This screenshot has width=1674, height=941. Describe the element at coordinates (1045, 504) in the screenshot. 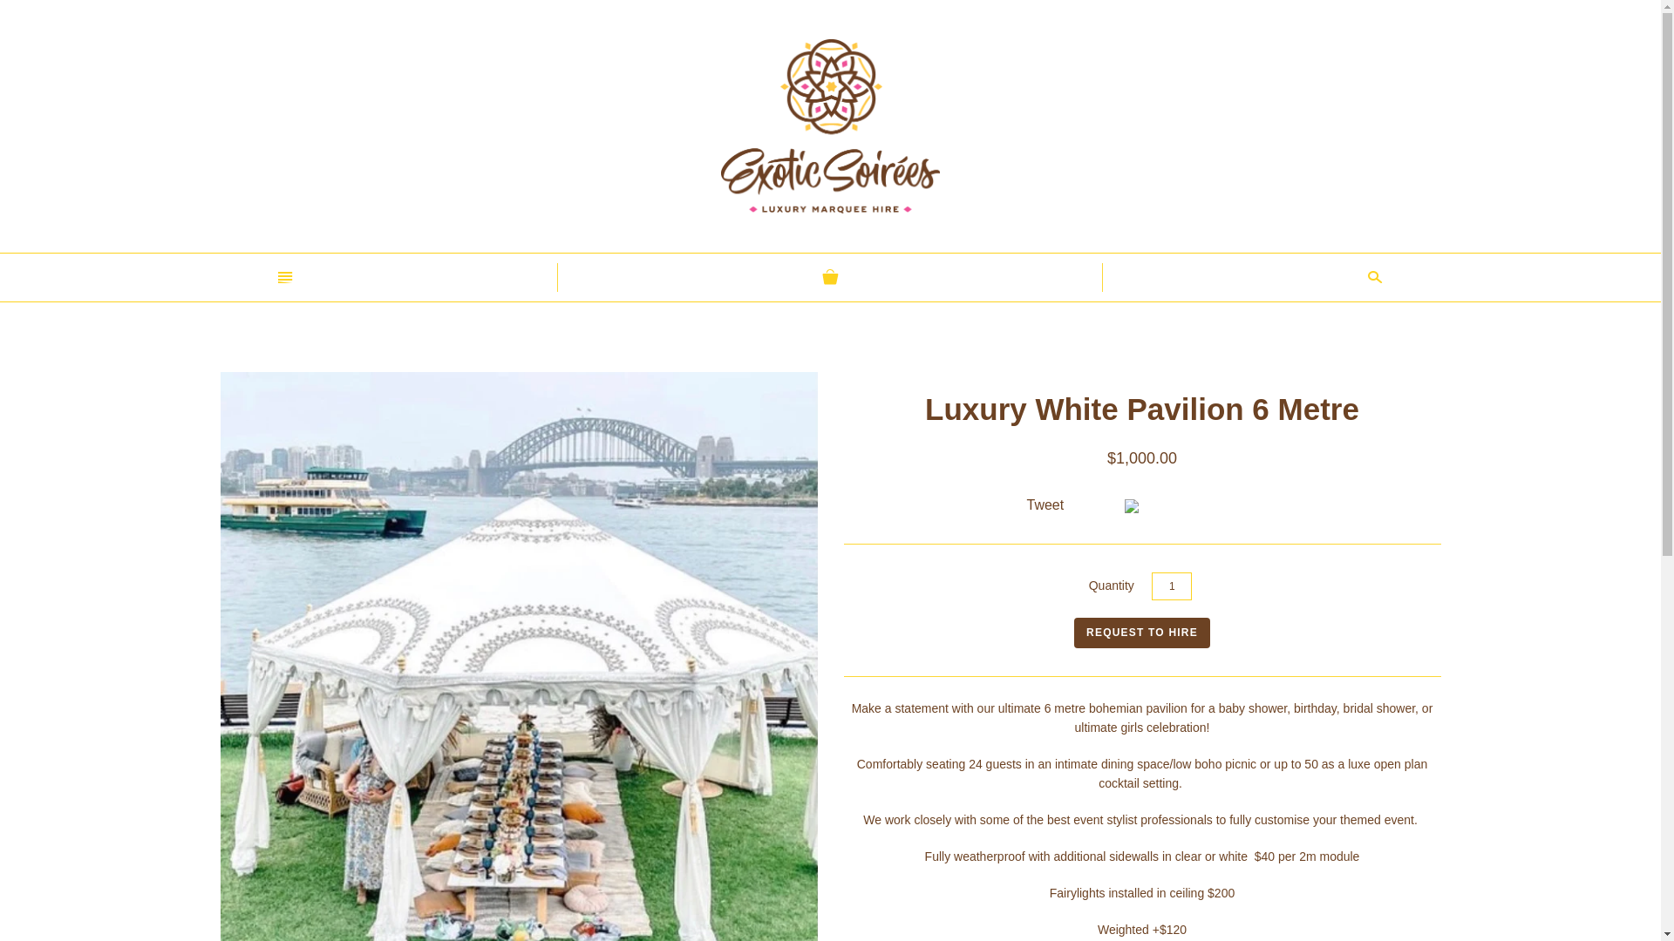

I see `'Tweet'` at that location.